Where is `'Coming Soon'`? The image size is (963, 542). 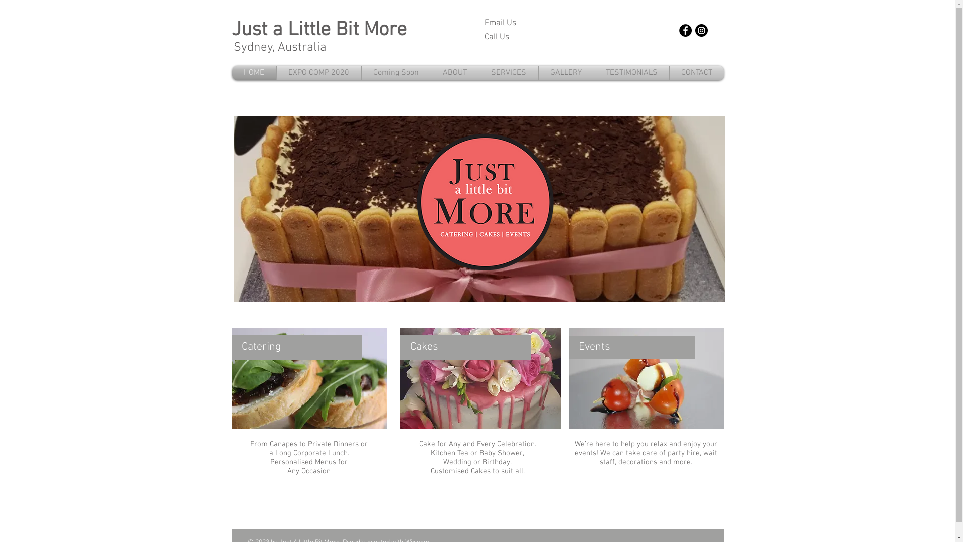 'Coming Soon' is located at coordinates (361, 72).